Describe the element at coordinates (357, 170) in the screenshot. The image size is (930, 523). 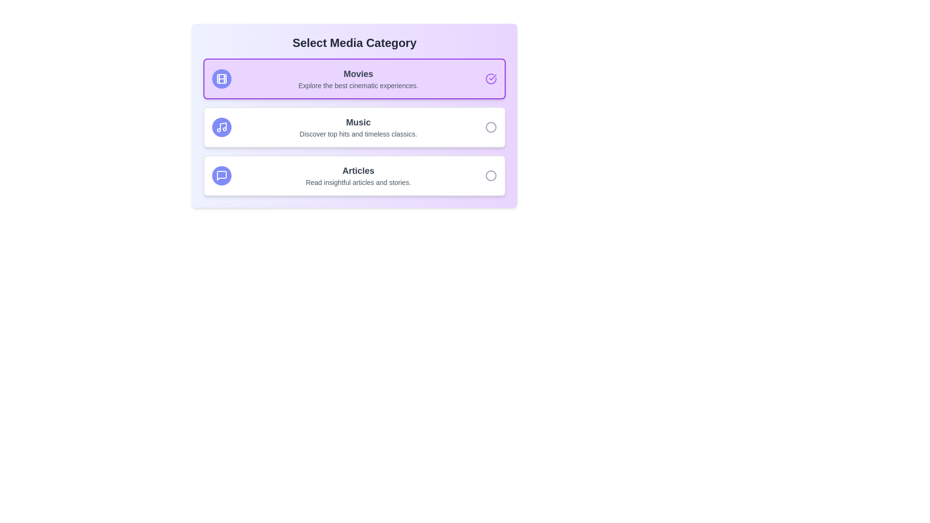
I see `the header text label styled as 'Articles', which is bold and gray, located at the bottom of the media categories list` at that location.